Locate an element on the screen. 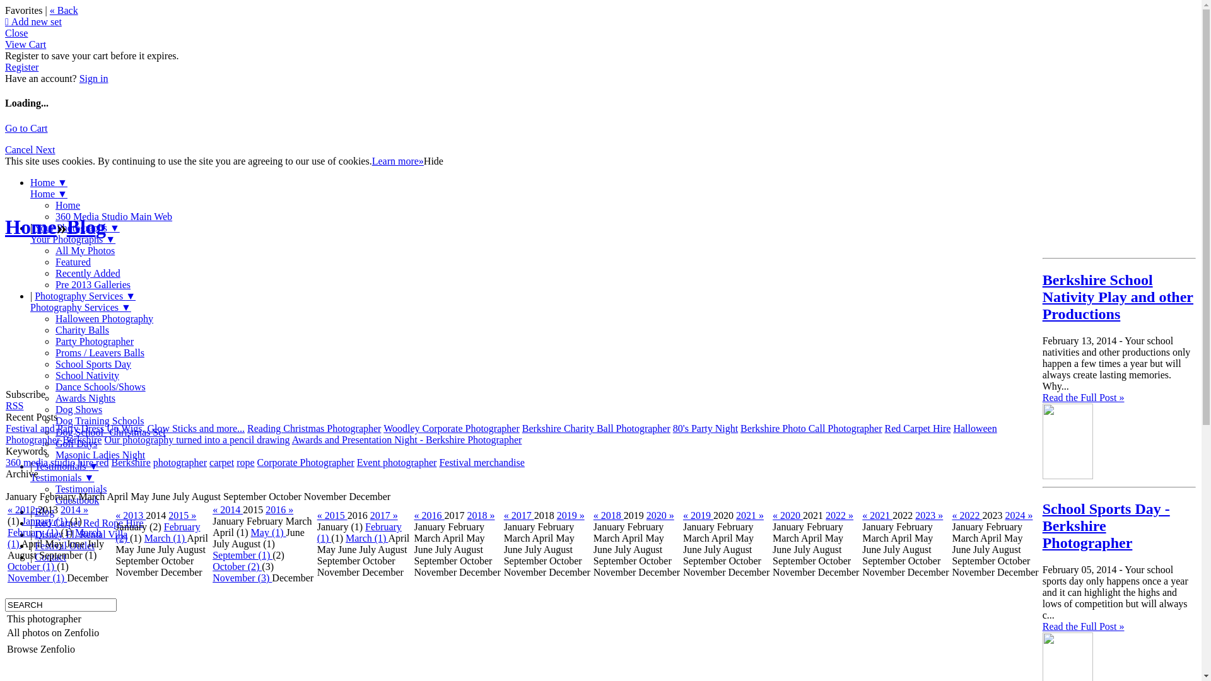 The width and height of the screenshot is (1211, 681). 'Event photographer' is located at coordinates (396, 462).